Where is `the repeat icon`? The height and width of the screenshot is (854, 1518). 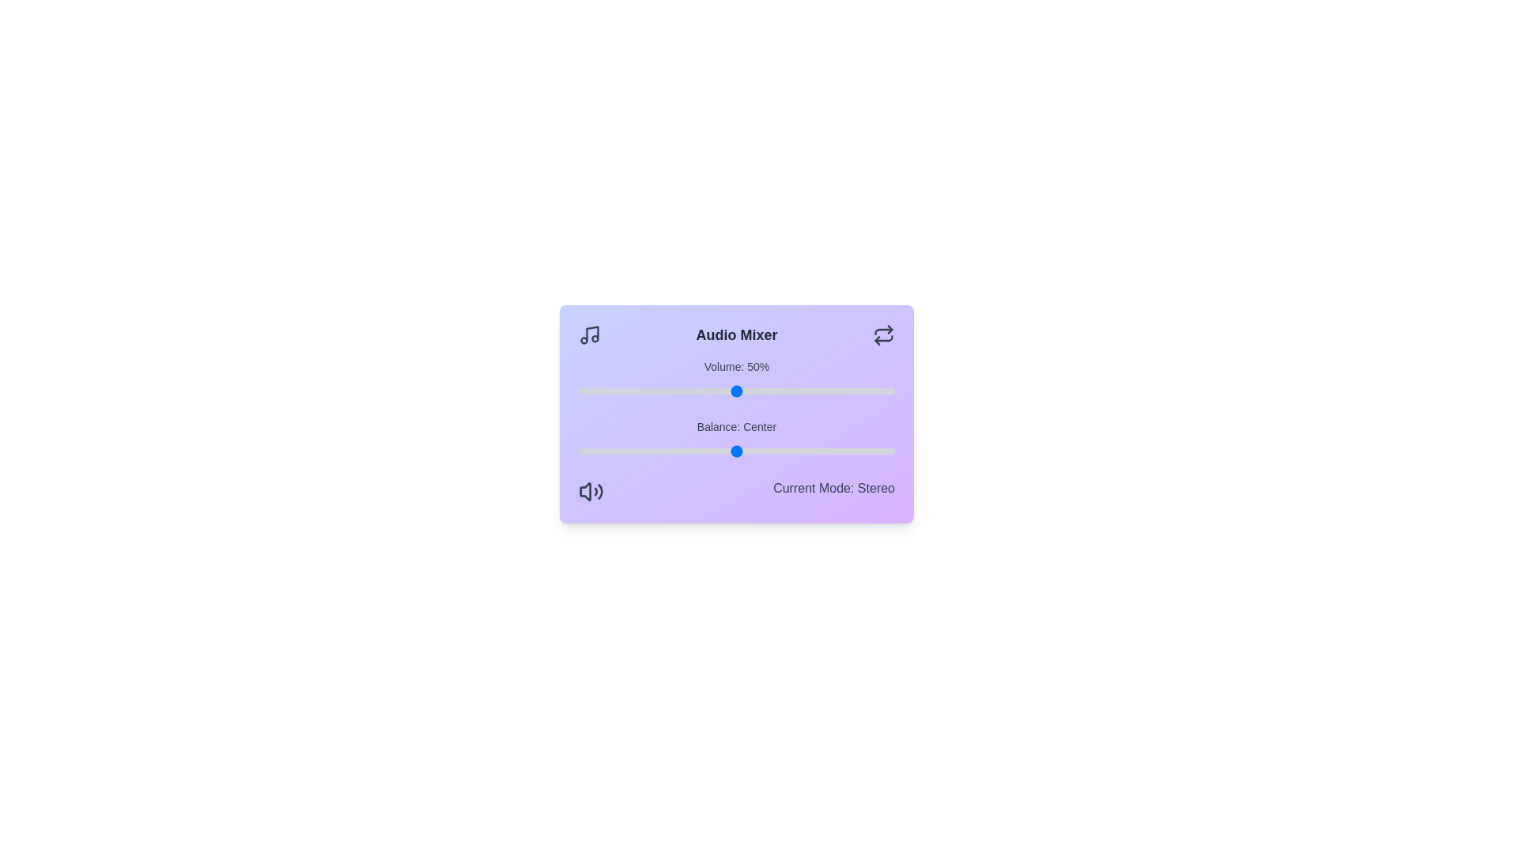 the repeat icon is located at coordinates (882, 334).